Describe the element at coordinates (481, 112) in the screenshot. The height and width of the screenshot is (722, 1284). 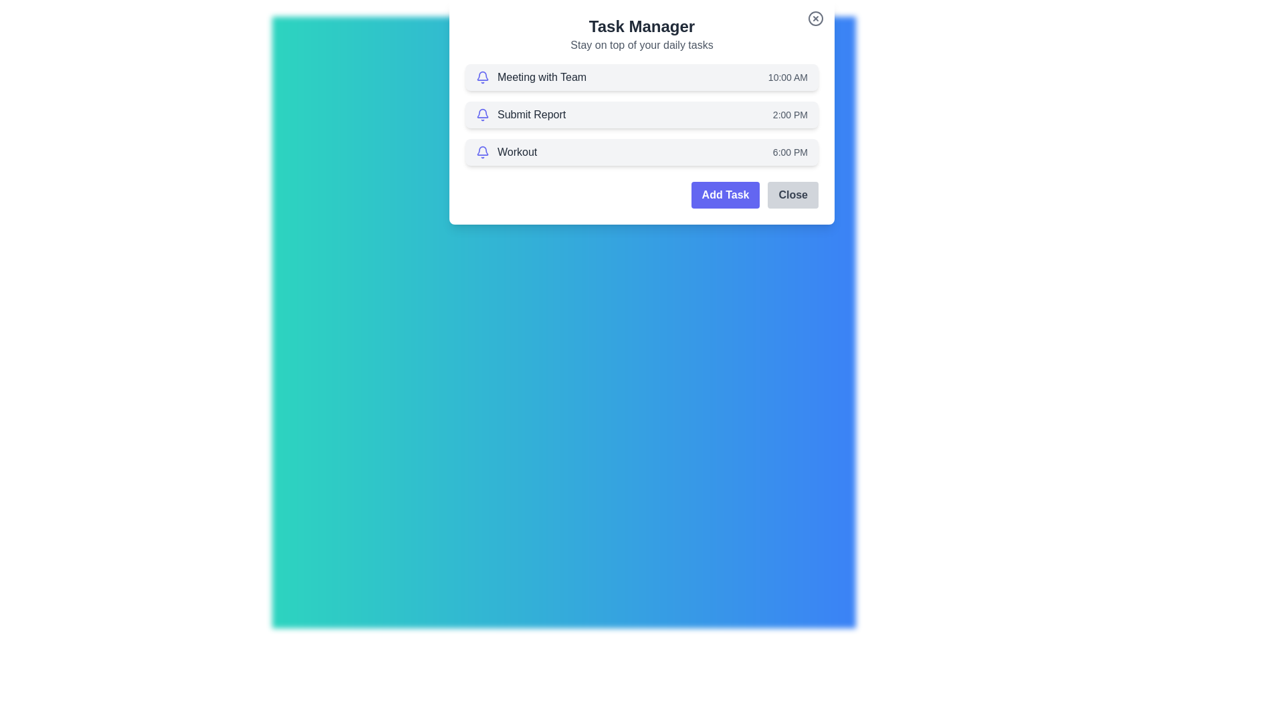
I see `the middle curve of the blue-stroked SVG bell icon associated with the 'Submit Report' item, which is located centrally within the icon's structure` at that location.